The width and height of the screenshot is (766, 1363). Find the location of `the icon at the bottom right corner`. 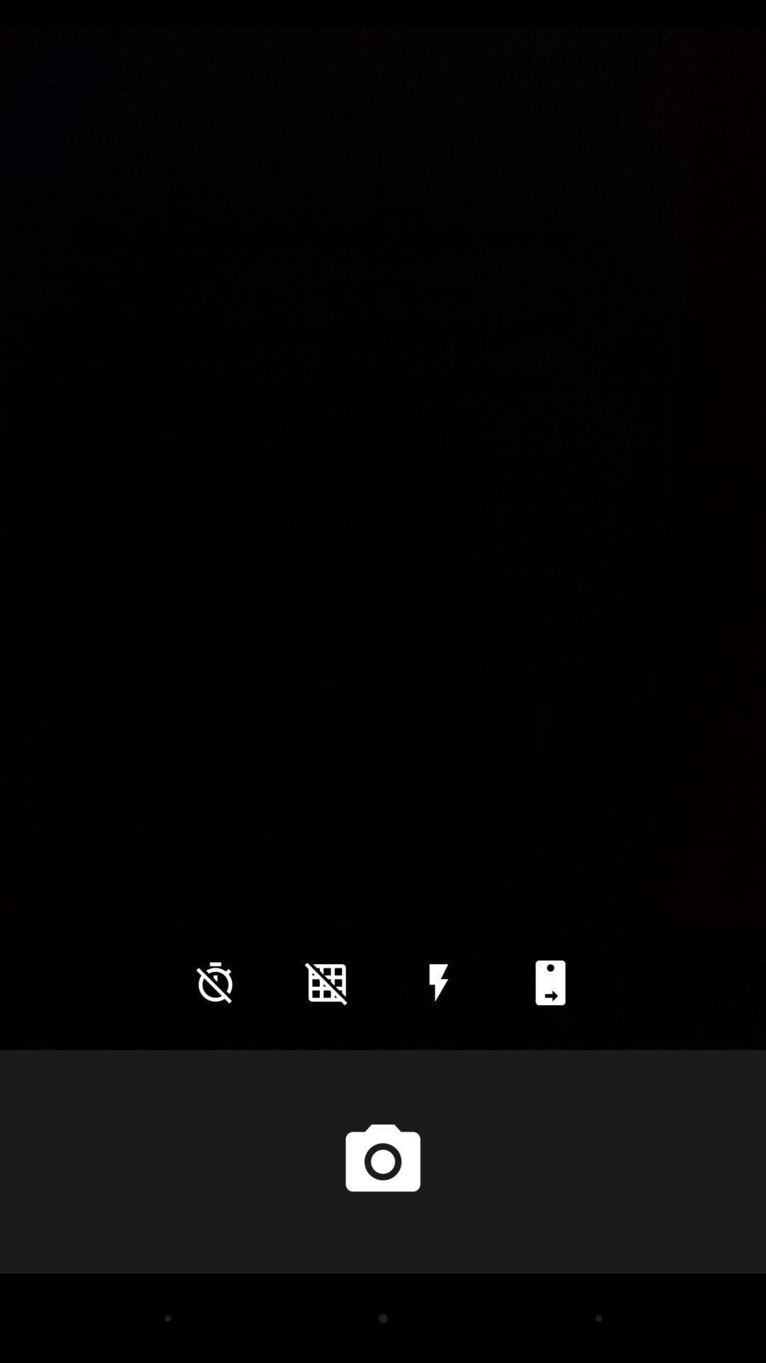

the icon at the bottom right corner is located at coordinates (550, 982).